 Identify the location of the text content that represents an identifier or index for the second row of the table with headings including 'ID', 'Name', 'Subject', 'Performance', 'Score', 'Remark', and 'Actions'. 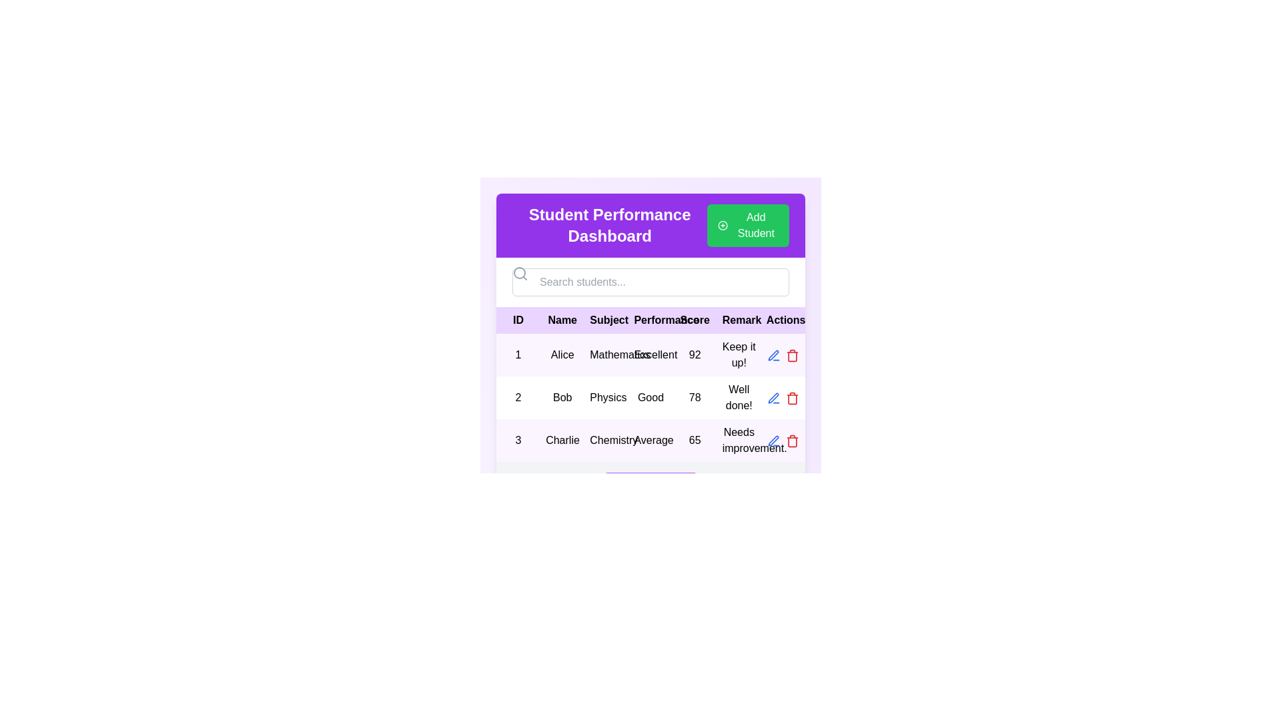
(518, 397).